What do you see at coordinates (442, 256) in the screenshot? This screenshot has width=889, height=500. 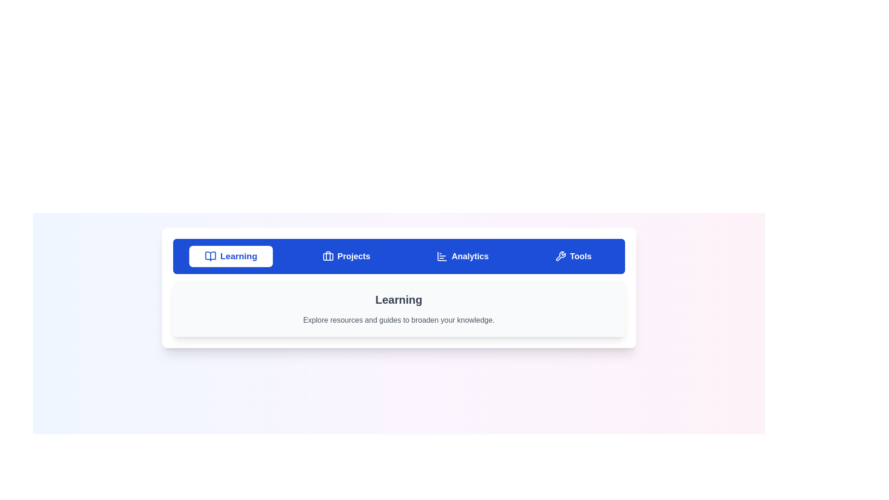 I see `the bar chart icon located within the 'Analytics' button in the horizontal navigation bar` at bounding box center [442, 256].